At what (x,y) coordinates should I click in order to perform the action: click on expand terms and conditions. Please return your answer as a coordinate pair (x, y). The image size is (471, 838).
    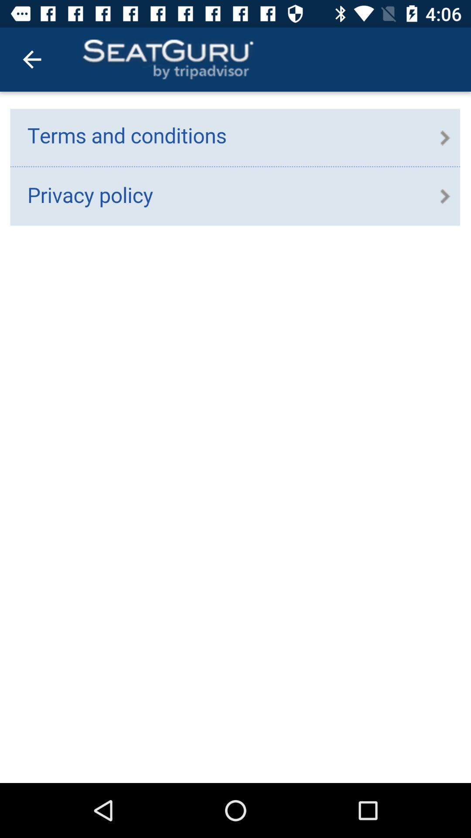
    Looking at the image, I should click on (235, 437).